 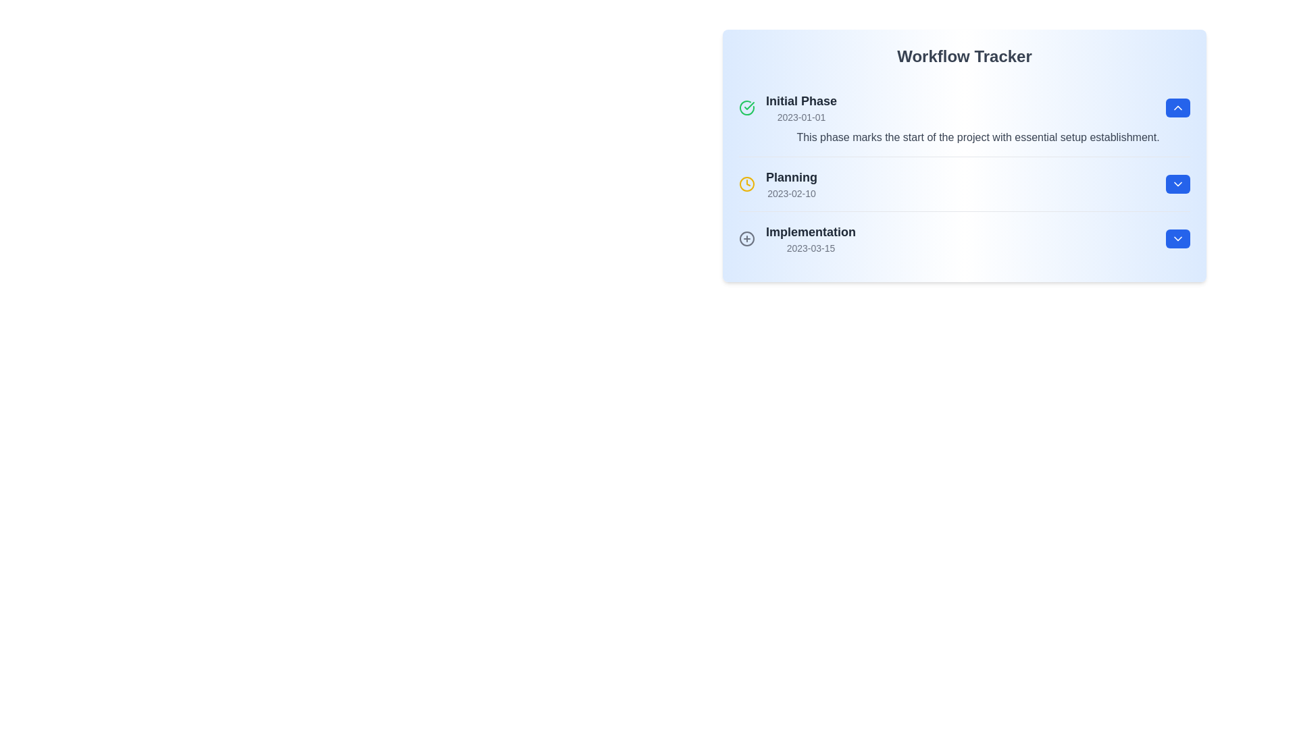 What do you see at coordinates (811, 238) in the screenshot?
I see `the 'Implementation' text label in the Workflow Tracker section` at bounding box center [811, 238].